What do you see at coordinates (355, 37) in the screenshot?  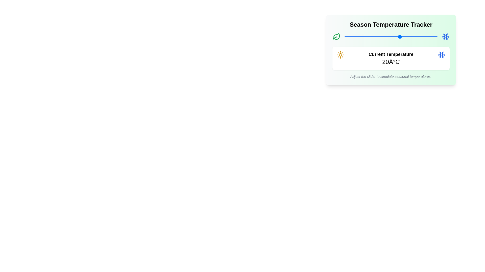 I see `the slider to set the temperature to -4°C` at bounding box center [355, 37].